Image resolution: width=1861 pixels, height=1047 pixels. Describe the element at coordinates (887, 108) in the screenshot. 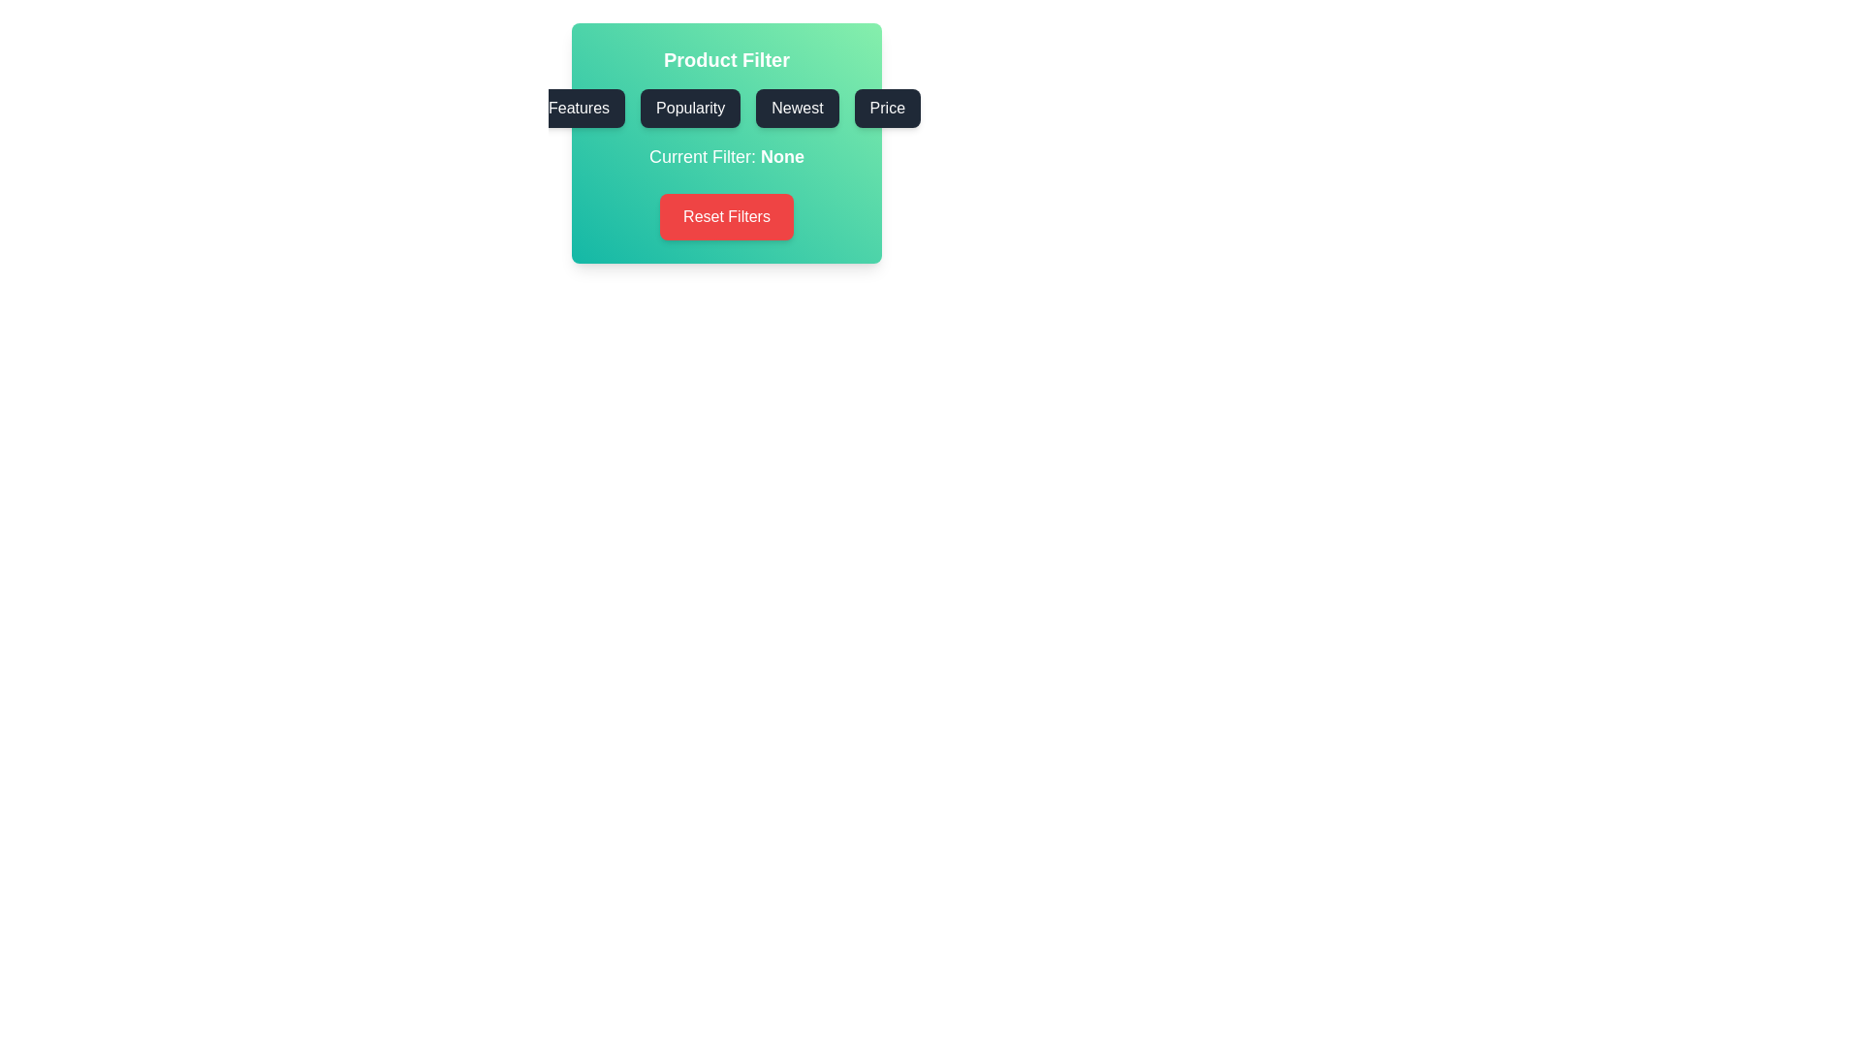

I see `the Price button to select the corresponding filter` at that location.